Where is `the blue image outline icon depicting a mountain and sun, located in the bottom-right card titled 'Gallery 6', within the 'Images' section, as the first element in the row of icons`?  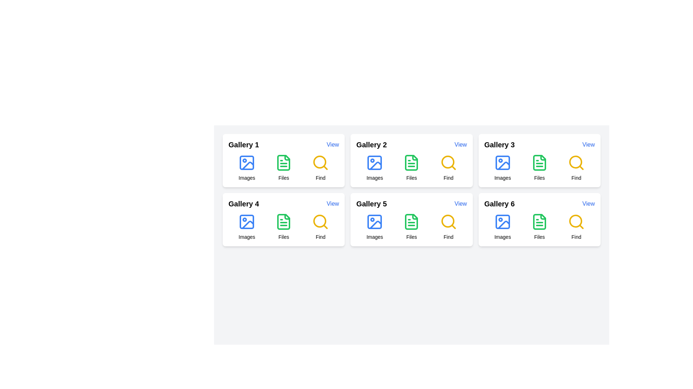 the blue image outline icon depicting a mountain and sun, located in the bottom-right card titled 'Gallery 6', within the 'Images' section, as the first element in the row of icons is located at coordinates (502, 222).